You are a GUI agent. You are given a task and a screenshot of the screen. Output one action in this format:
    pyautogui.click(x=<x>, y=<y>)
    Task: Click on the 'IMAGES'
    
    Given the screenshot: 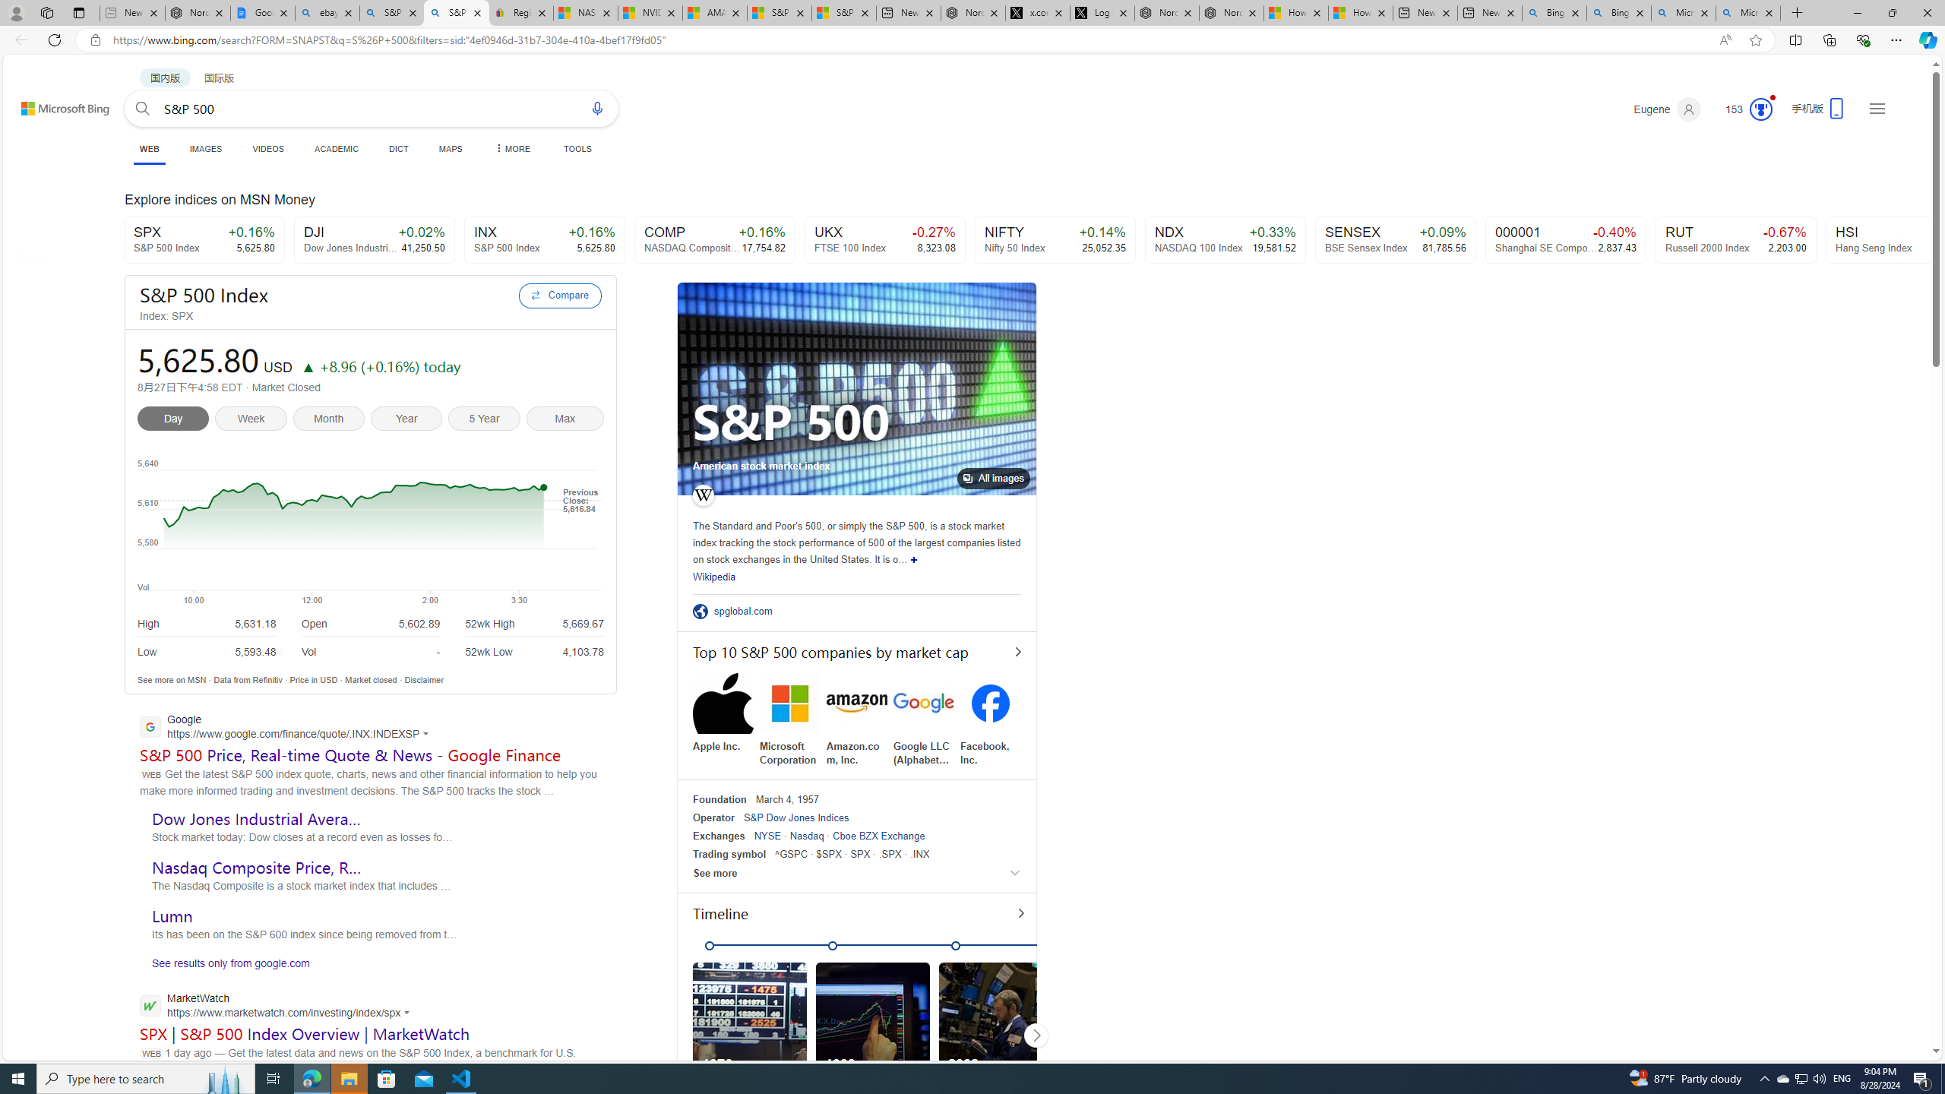 What is the action you would take?
    pyautogui.click(x=205, y=148)
    